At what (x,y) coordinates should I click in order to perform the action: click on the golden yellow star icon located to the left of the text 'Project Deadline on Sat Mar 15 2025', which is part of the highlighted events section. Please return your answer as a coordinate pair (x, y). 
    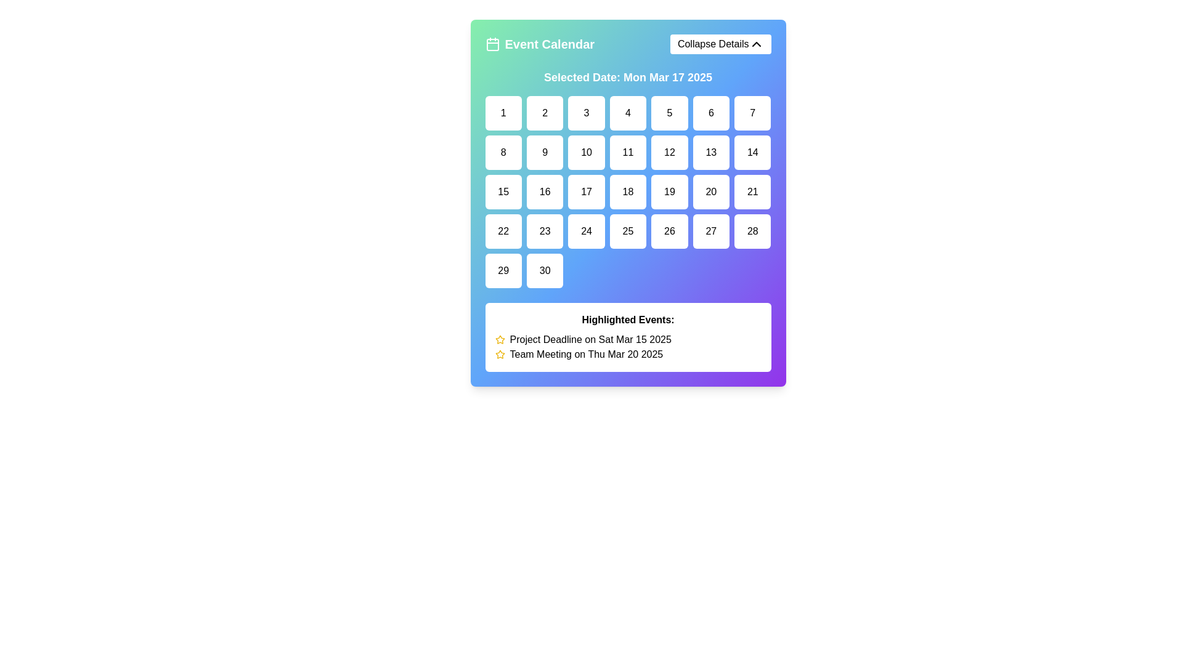
    Looking at the image, I should click on (500, 339).